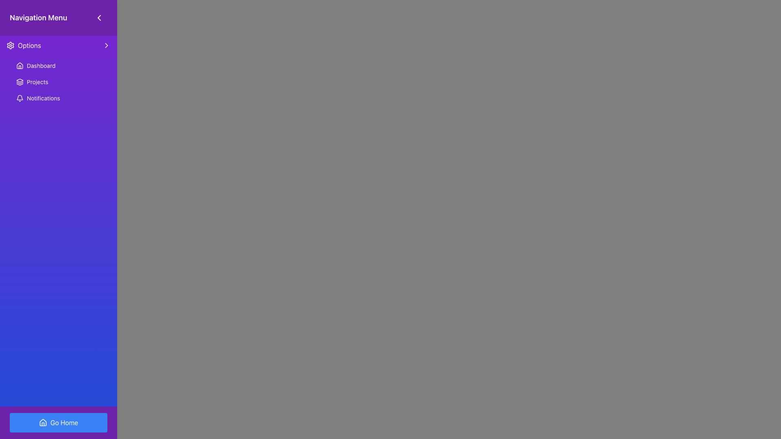  Describe the element at coordinates (10, 45) in the screenshot. I see `the Icon button located on the left navigation bar, adjacent to the 'Options' text` at that location.